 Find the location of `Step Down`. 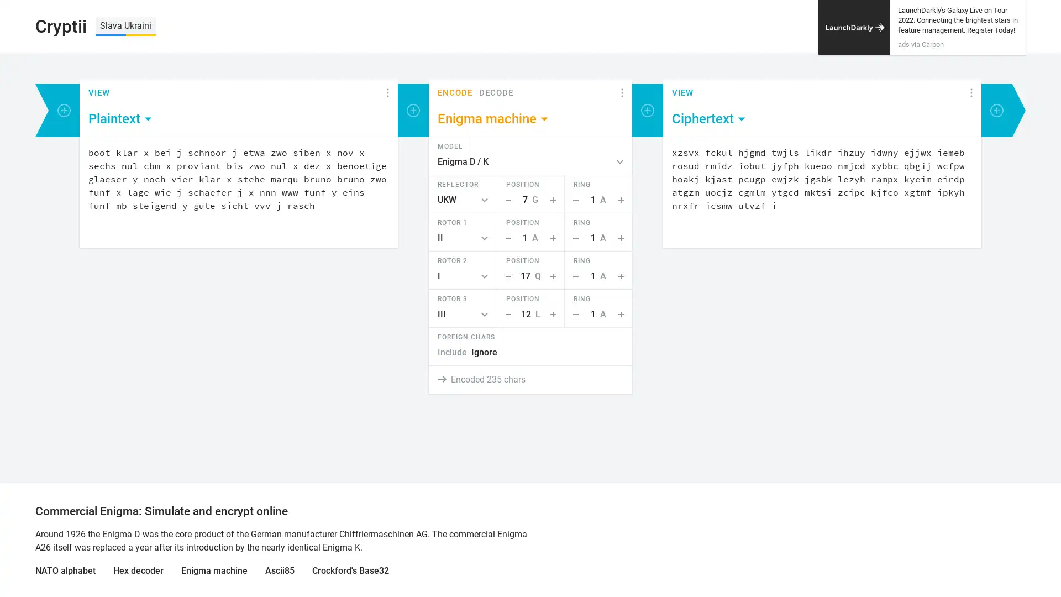

Step Down is located at coordinates (505, 238).